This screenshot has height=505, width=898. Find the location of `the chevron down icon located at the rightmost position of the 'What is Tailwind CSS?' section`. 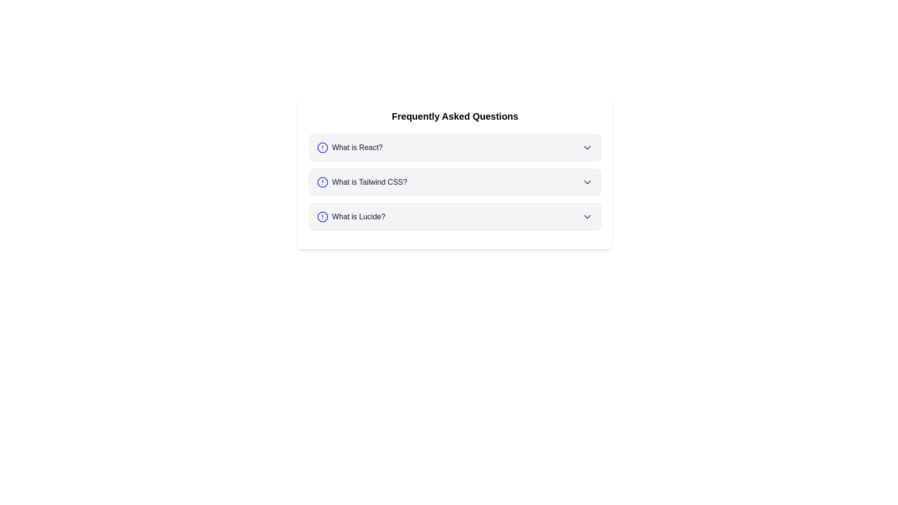

the chevron down icon located at the rightmost position of the 'What is Tailwind CSS?' section is located at coordinates (587, 182).